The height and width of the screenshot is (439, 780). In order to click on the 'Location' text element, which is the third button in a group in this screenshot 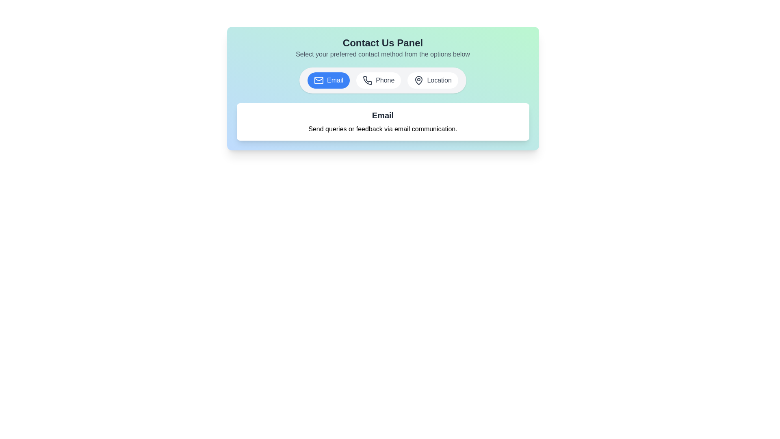, I will do `click(439, 80)`.